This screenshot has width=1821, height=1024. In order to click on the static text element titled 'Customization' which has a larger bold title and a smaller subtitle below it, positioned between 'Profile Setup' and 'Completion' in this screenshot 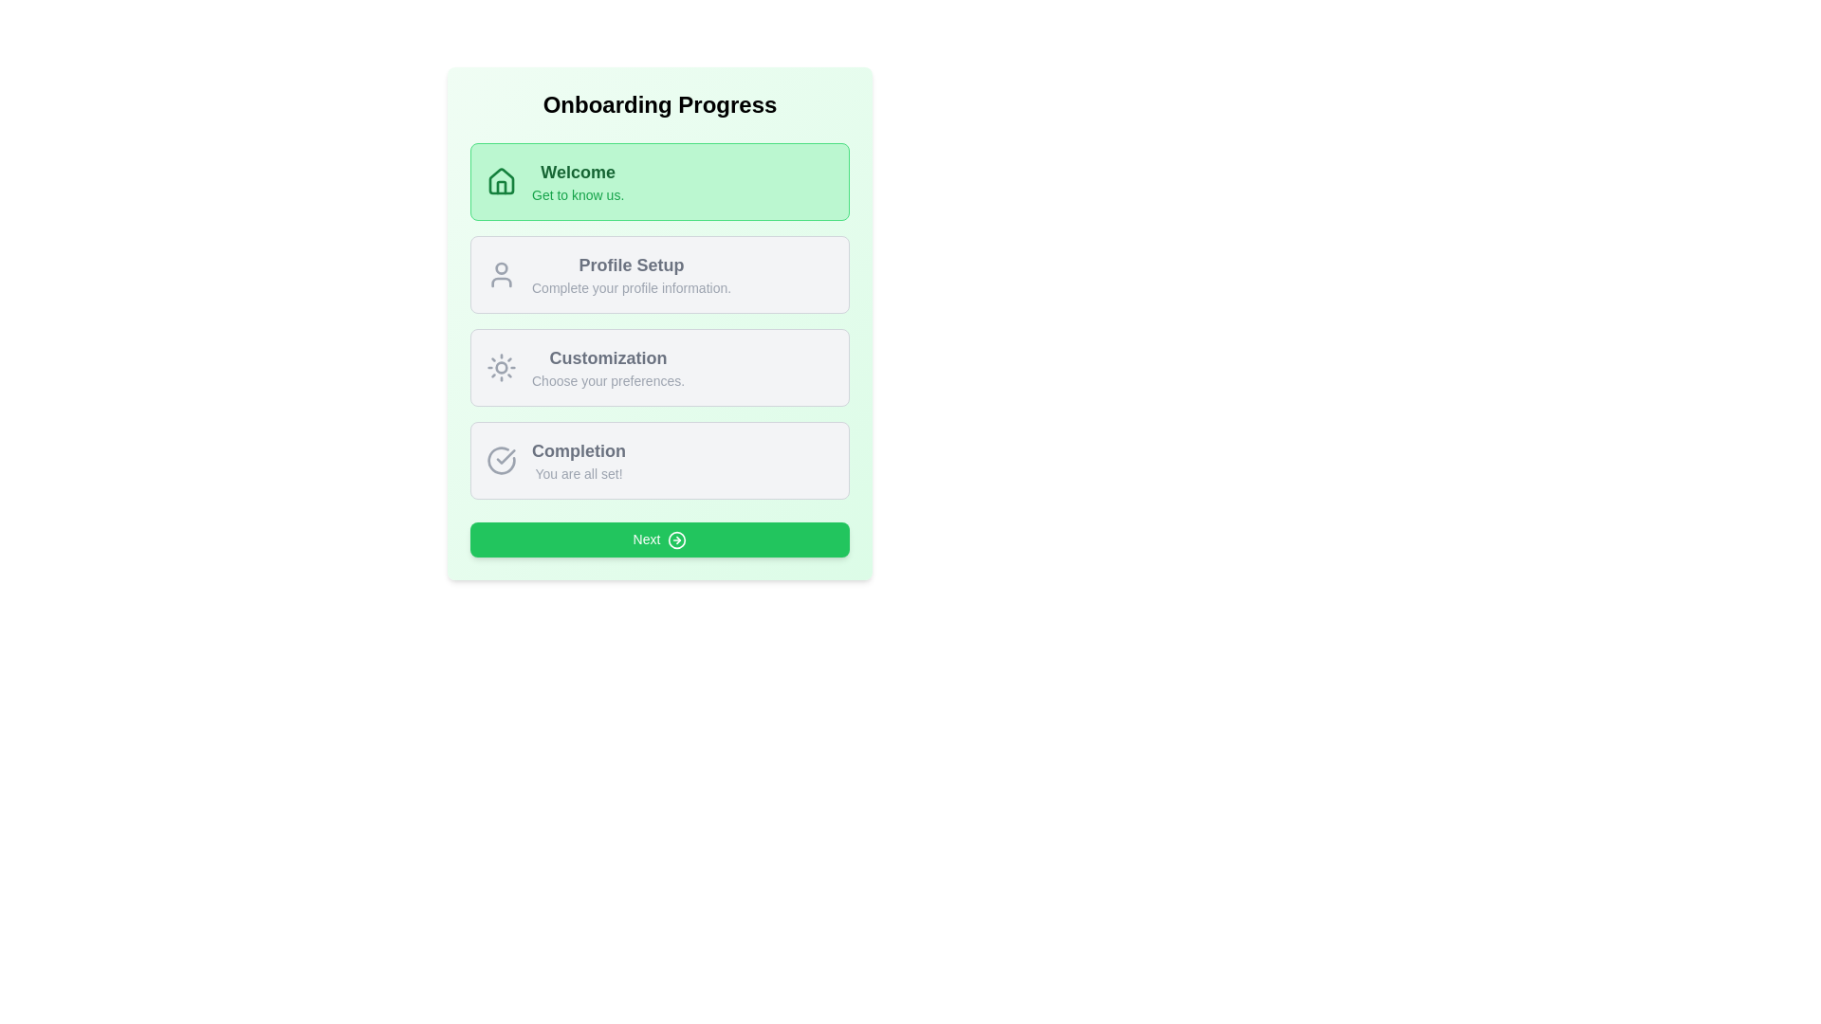, I will do `click(608, 368)`.